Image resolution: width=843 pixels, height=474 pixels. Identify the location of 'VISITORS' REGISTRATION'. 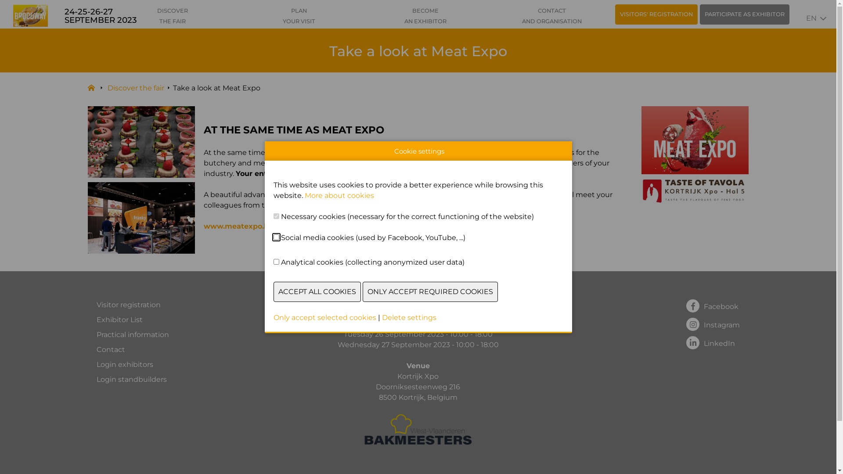
(615, 14).